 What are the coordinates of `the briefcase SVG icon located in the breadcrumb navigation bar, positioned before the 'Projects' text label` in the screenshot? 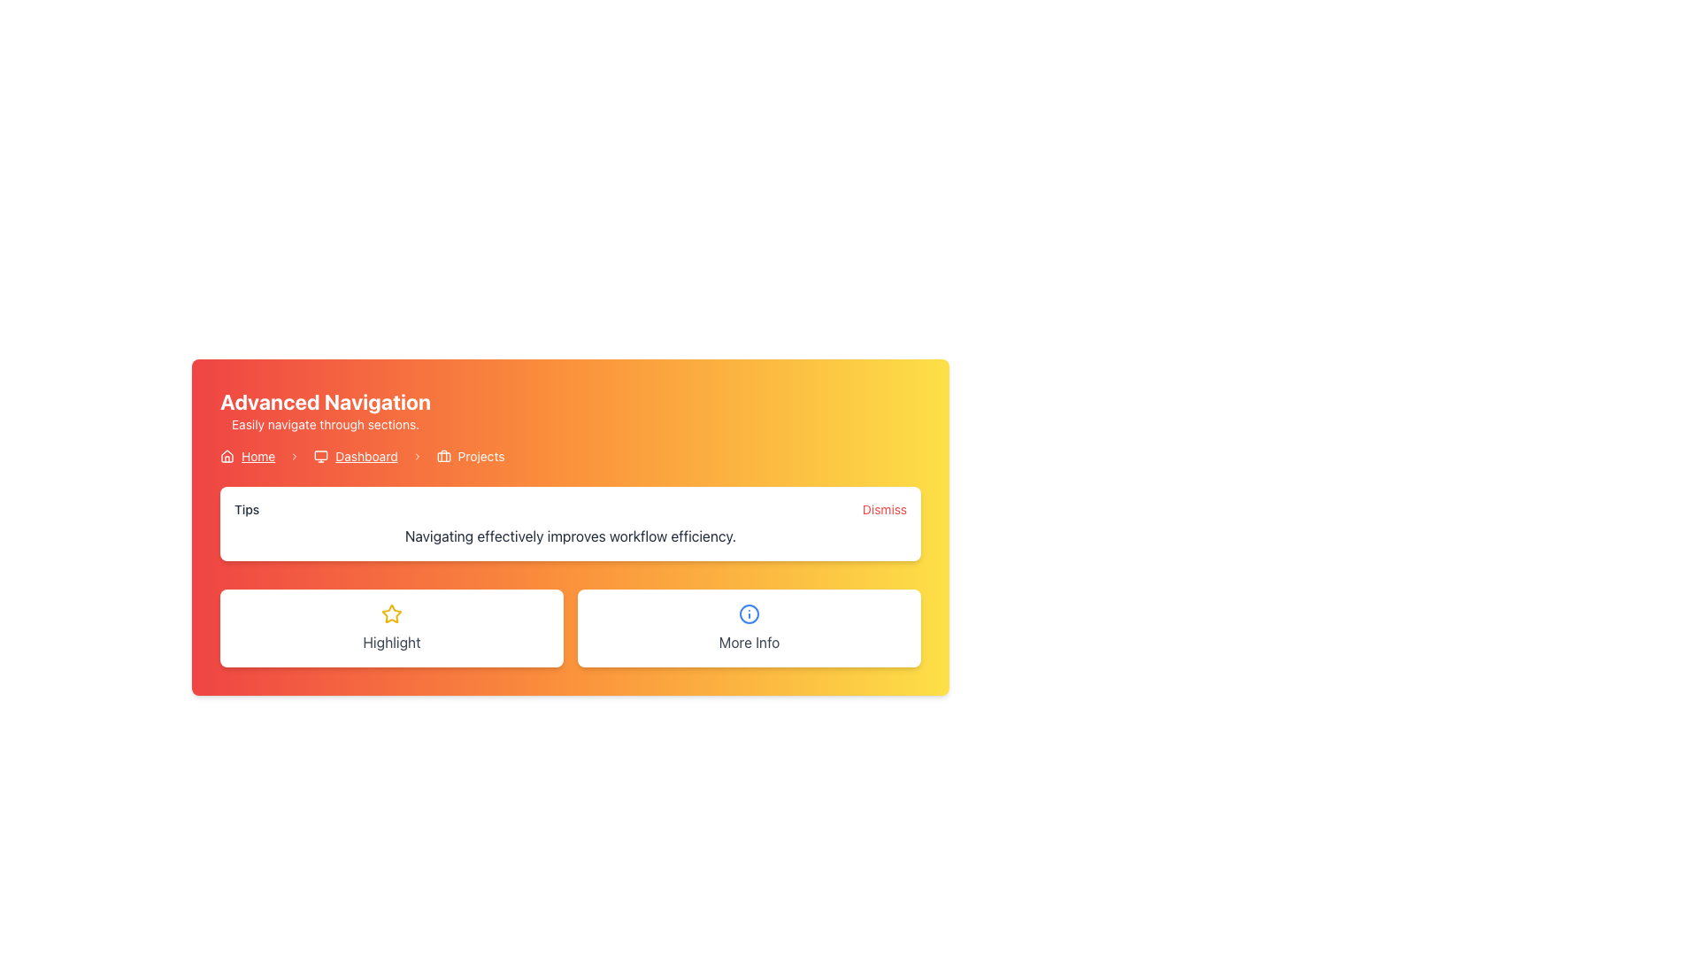 It's located at (443, 456).